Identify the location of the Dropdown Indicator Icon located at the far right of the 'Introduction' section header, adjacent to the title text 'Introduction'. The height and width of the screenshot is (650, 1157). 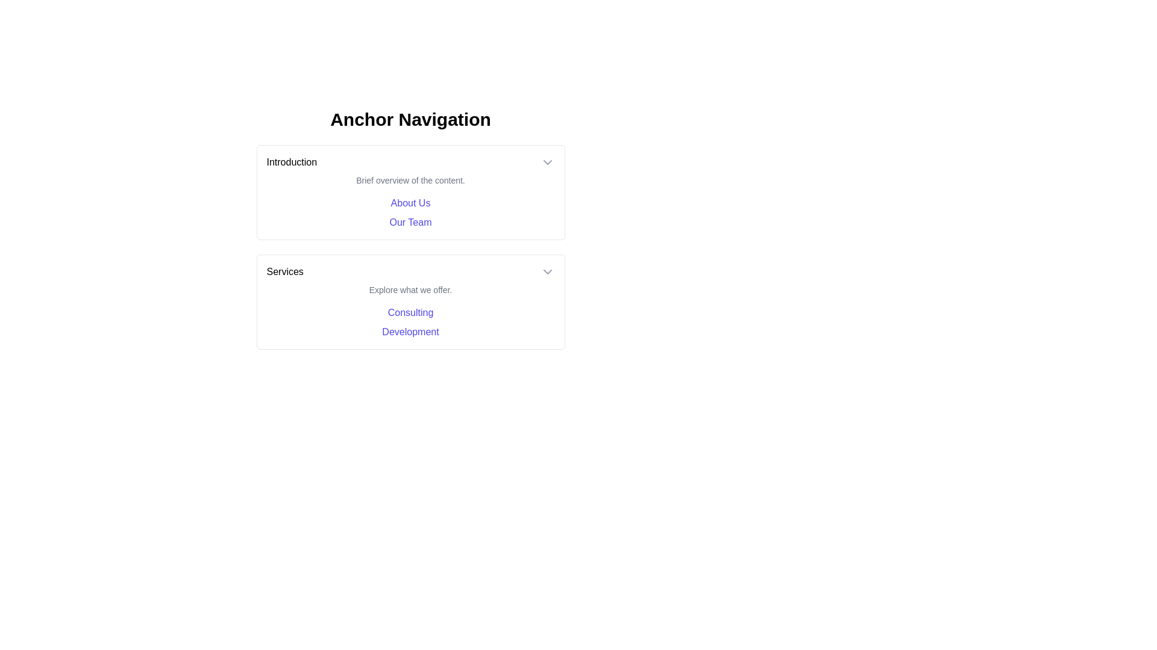
(547, 162).